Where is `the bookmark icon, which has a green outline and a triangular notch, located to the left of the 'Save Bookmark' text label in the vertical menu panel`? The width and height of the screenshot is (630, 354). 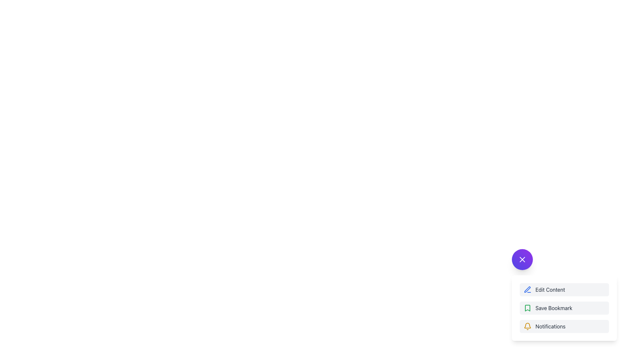
the bookmark icon, which has a green outline and a triangular notch, located to the left of the 'Save Bookmark' text label in the vertical menu panel is located at coordinates (528, 308).